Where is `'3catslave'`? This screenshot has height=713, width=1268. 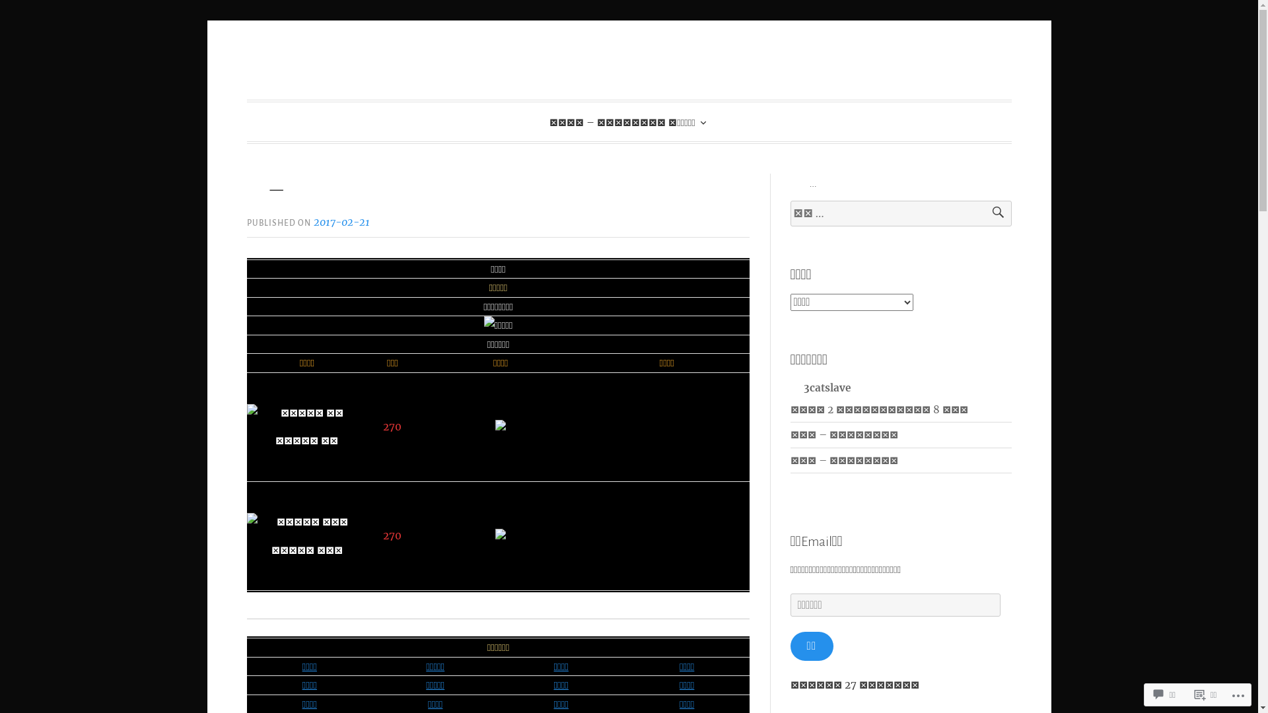 '3catslave' is located at coordinates (820, 386).